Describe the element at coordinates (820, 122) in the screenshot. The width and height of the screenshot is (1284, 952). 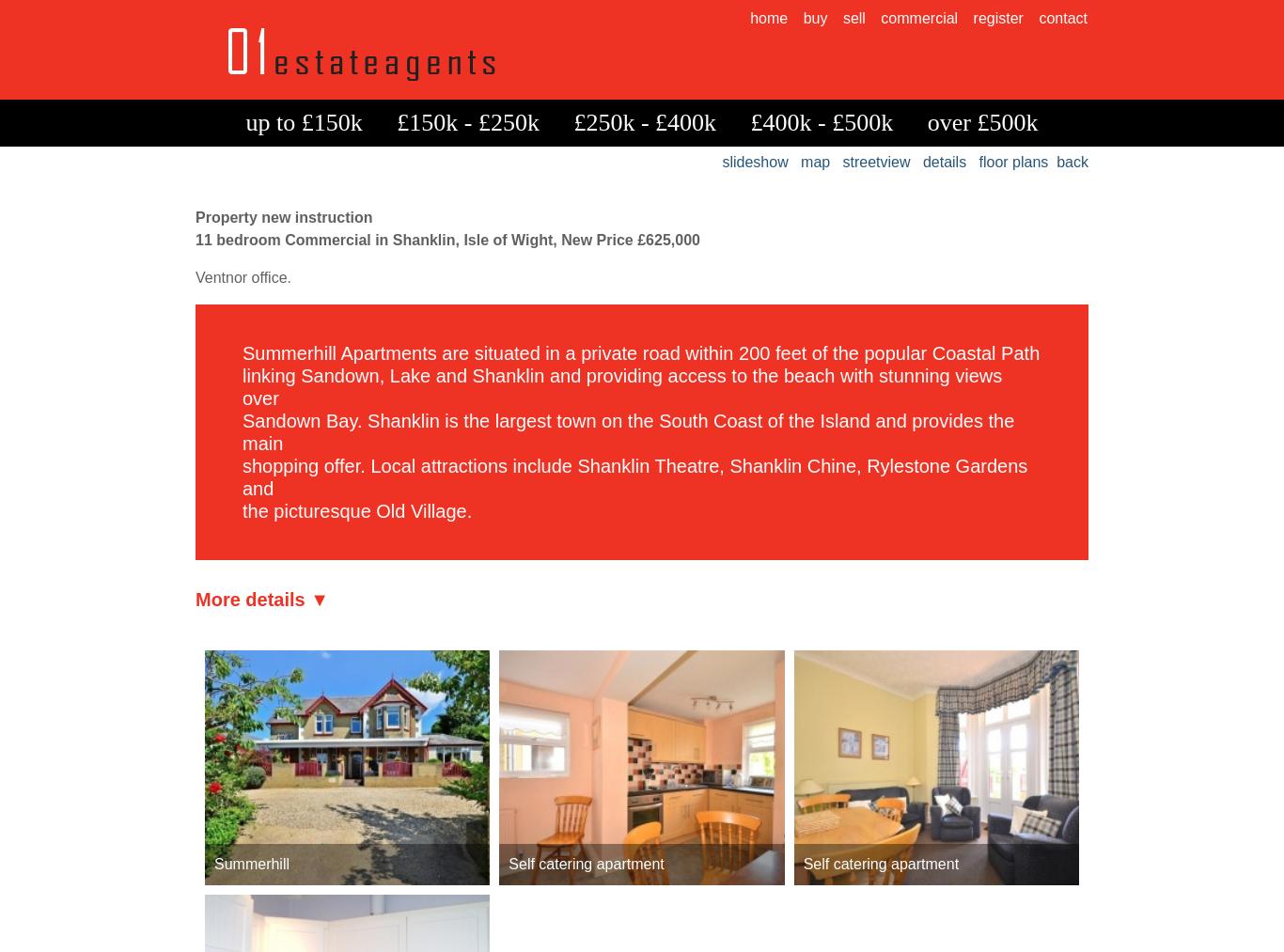
I see `'£400k - £500k'` at that location.